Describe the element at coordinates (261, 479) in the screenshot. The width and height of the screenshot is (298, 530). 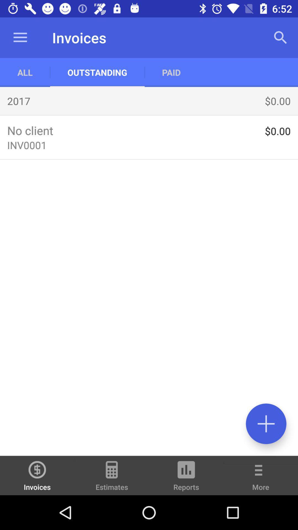
I see `the item next to reports` at that location.